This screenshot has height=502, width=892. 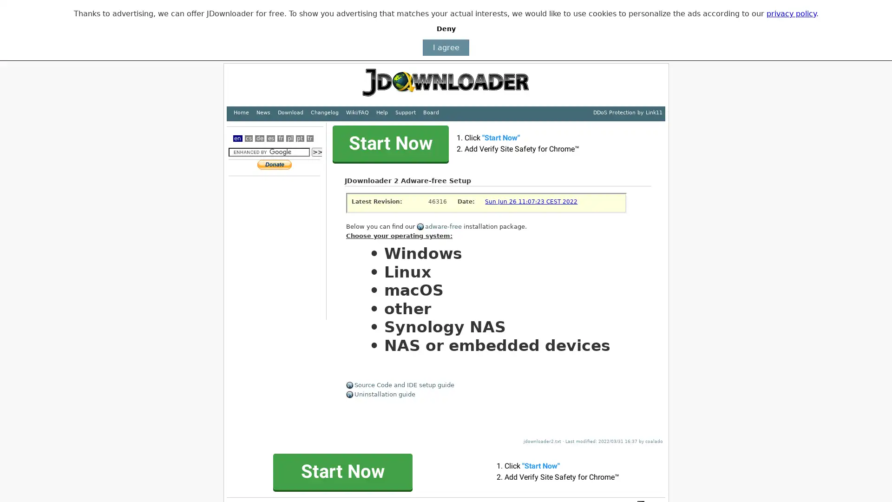 What do you see at coordinates (446, 47) in the screenshot?
I see `I agree` at bounding box center [446, 47].